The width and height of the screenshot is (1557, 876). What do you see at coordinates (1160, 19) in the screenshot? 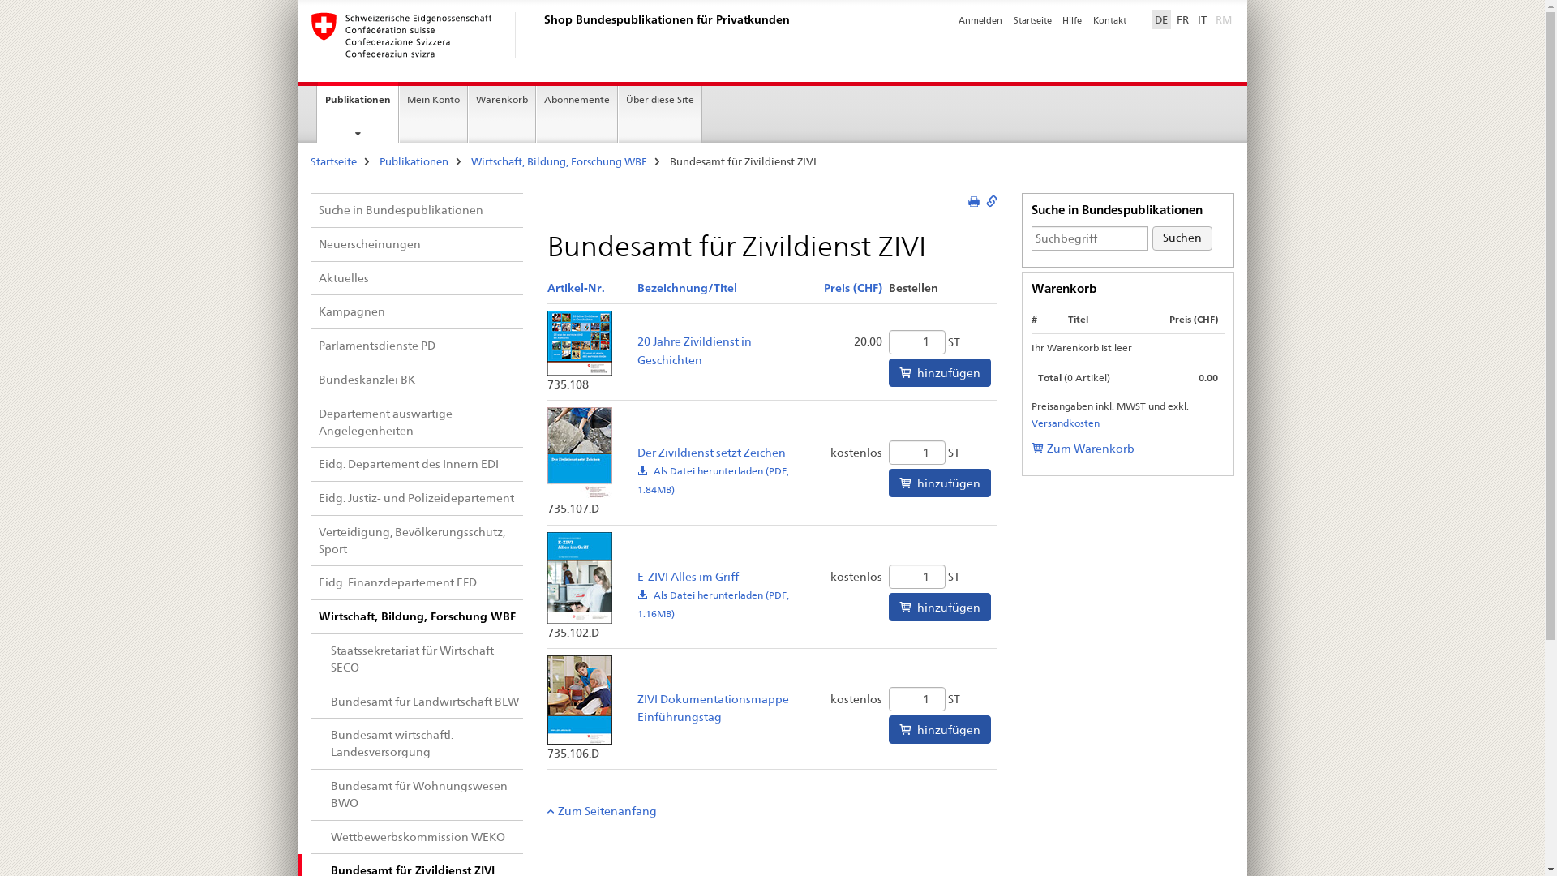
I see `'DE'` at bounding box center [1160, 19].